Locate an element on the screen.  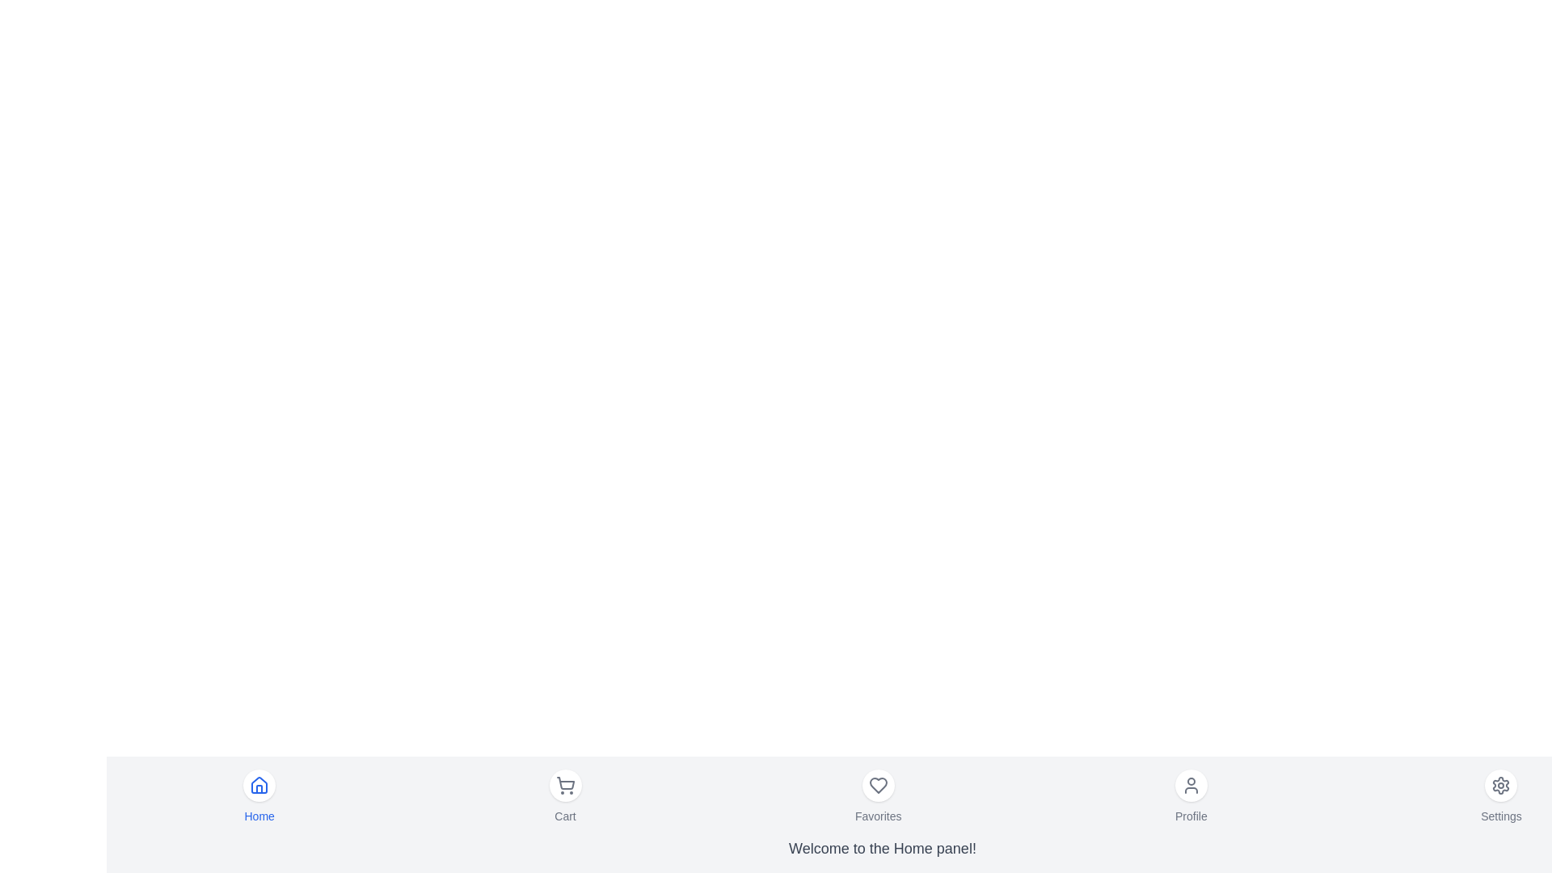
the menu item labeled Home to observe the hover effect is located at coordinates (259, 796).